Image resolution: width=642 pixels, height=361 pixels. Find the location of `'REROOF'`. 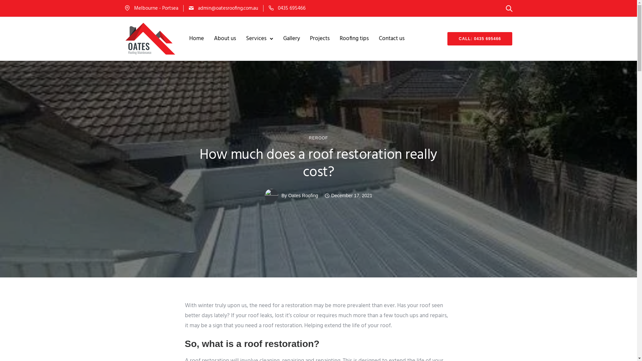

'REROOF' is located at coordinates (318, 137).